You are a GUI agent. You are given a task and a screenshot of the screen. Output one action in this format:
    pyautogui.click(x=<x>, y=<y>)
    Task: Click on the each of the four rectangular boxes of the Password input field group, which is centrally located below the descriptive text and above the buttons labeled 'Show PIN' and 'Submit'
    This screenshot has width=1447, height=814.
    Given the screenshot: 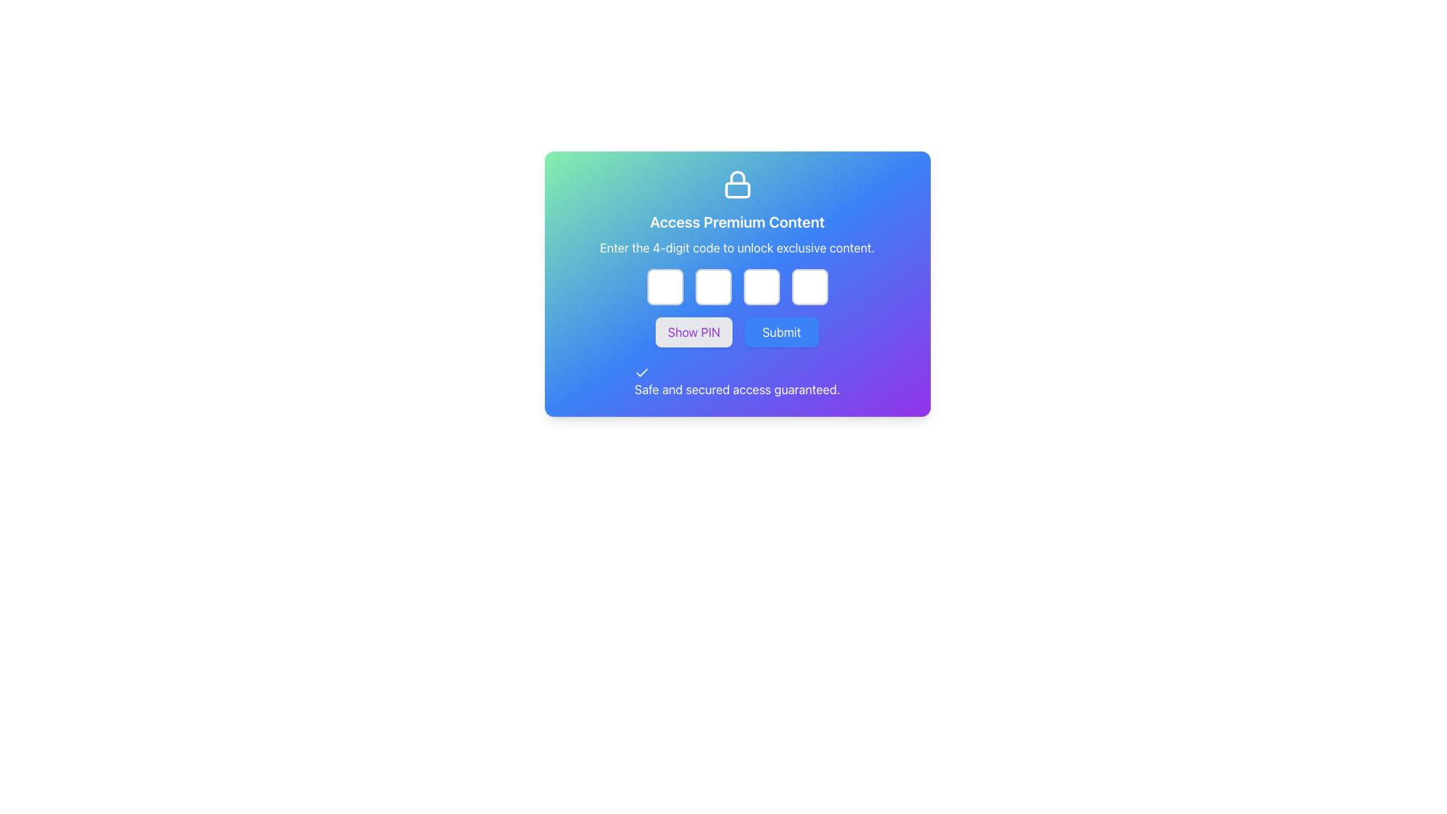 What is the action you would take?
    pyautogui.click(x=737, y=287)
    